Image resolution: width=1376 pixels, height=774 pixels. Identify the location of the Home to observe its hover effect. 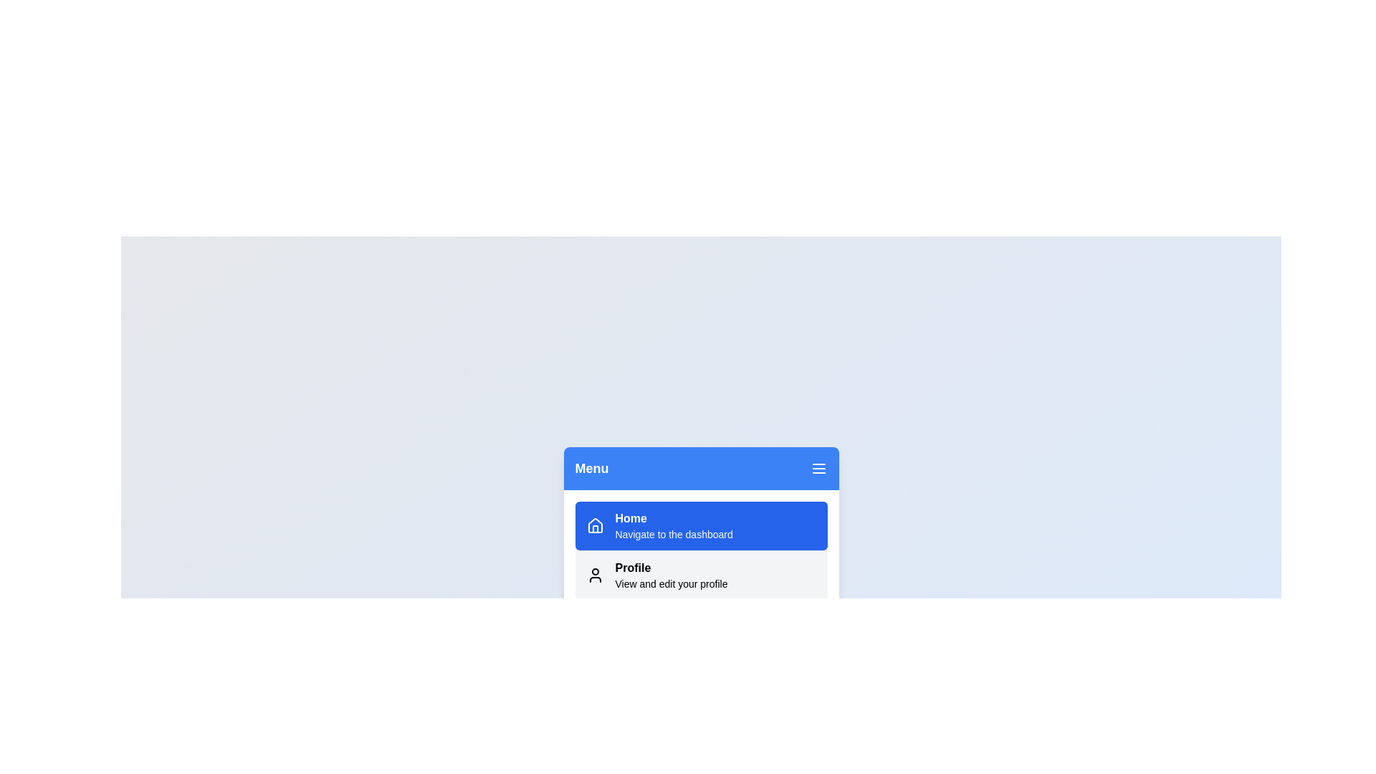
(701, 525).